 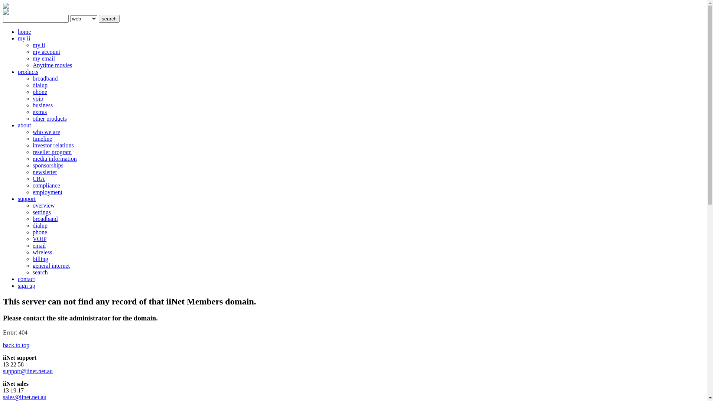 I want to click on 'search', so click(x=98, y=18).